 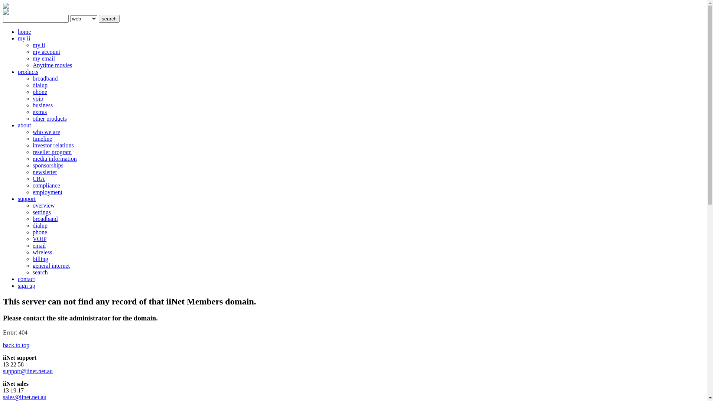 I want to click on 'search', so click(x=98, y=18).